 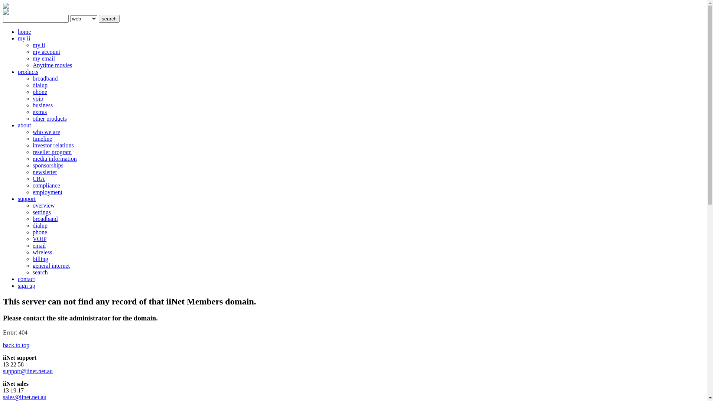 I want to click on 'search', so click(x=98, y=18).